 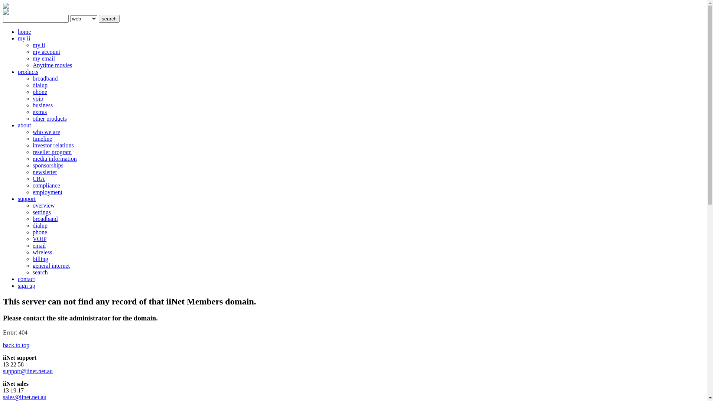 I want to click on 'search', so click(x=98, y=18).